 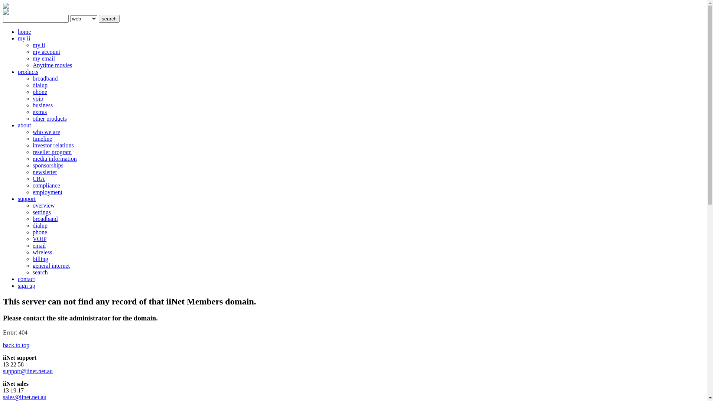 I want to click on 'search', so click(x=98, y=18).